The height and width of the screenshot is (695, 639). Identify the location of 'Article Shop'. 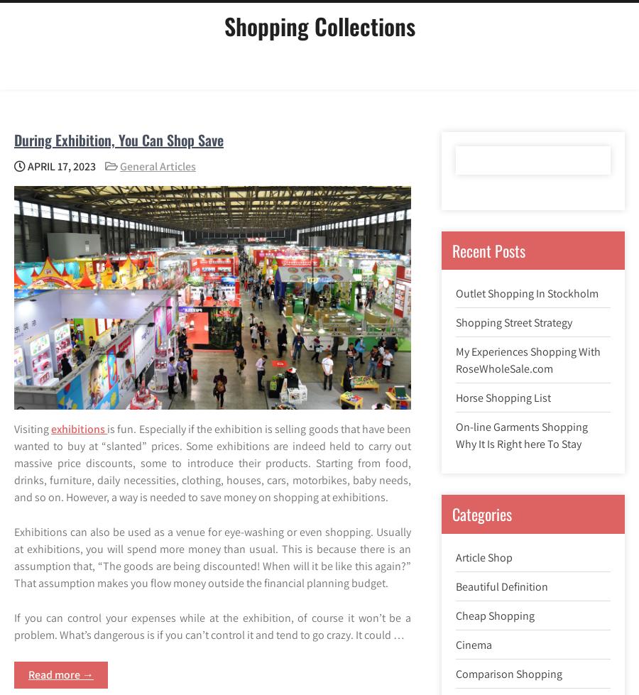
(484, 556).